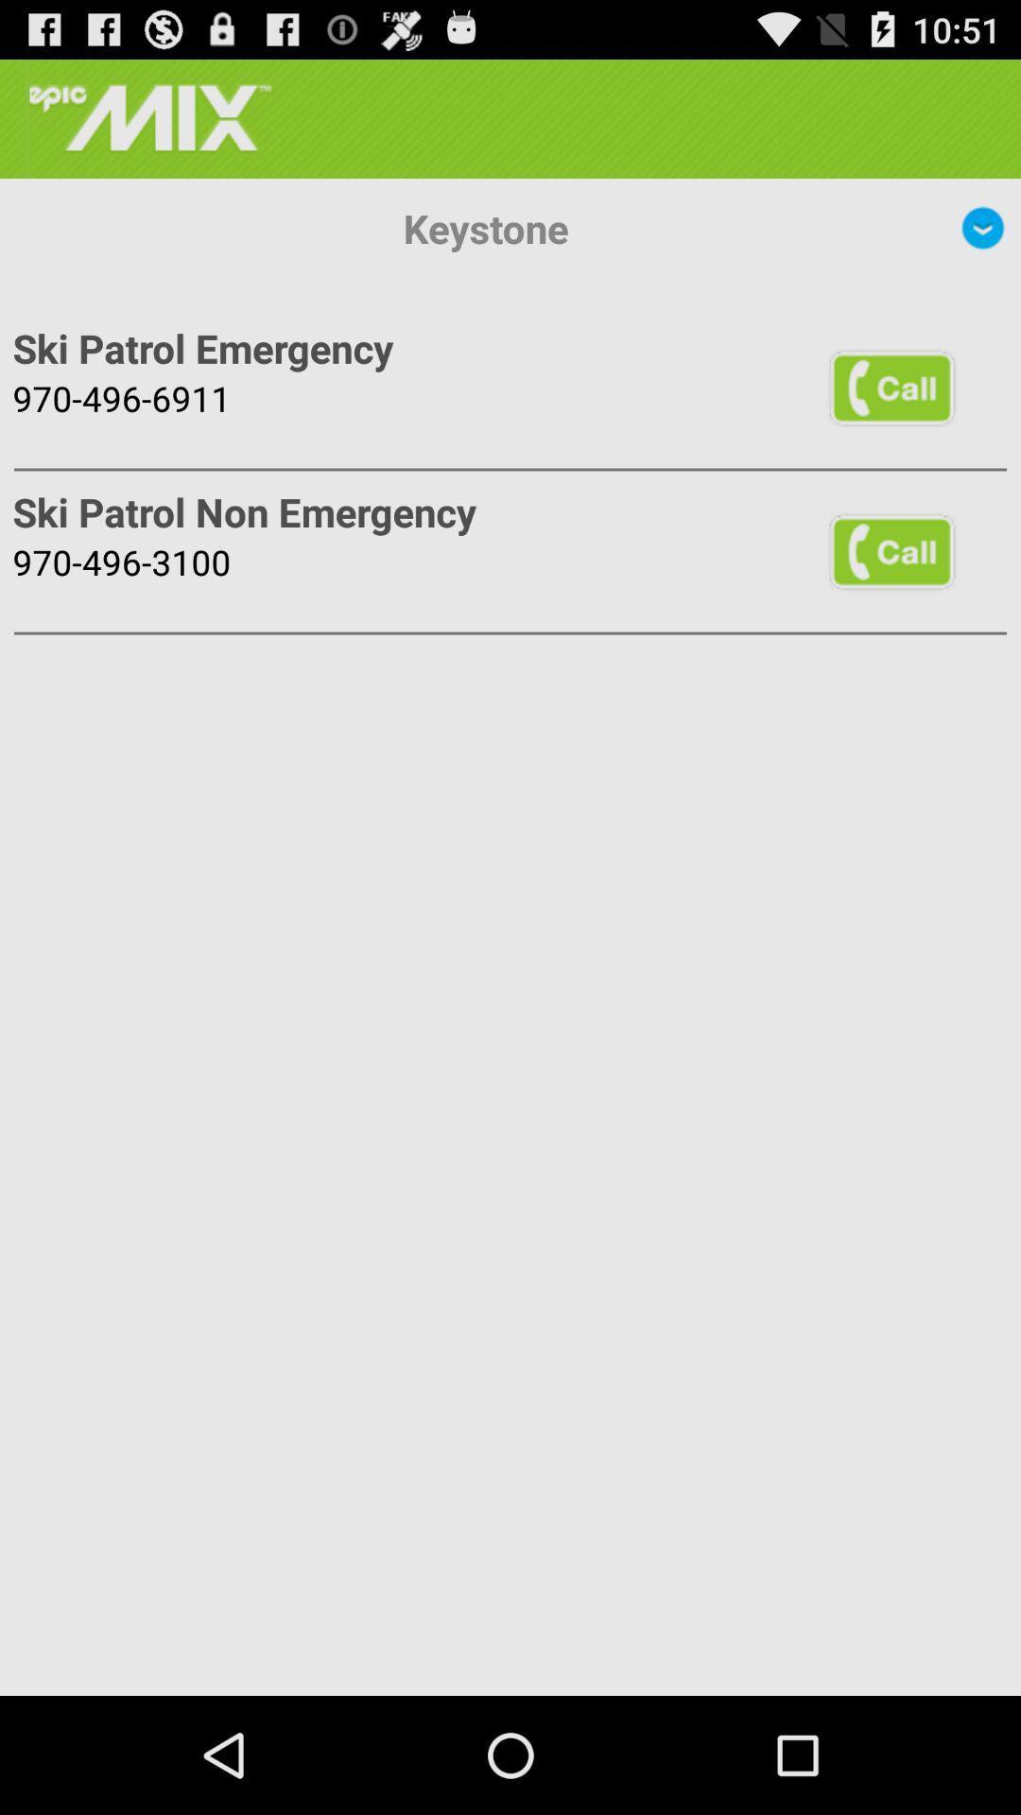  I want to click on the icon to the right of the ski patrol emergency app, so click(891, 386).